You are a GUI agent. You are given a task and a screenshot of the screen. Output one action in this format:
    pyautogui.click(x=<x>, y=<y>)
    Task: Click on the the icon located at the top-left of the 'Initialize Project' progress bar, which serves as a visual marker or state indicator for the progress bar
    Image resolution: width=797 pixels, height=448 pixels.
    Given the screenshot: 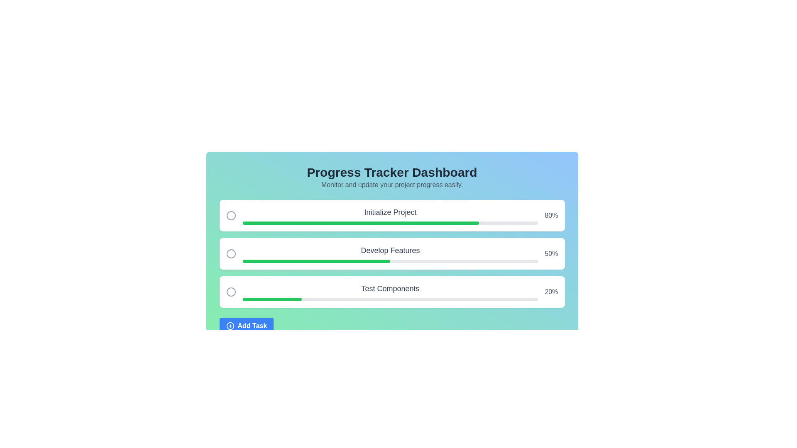 What is the action you would take?
    pyautogui.click(x=231, y=215)
    